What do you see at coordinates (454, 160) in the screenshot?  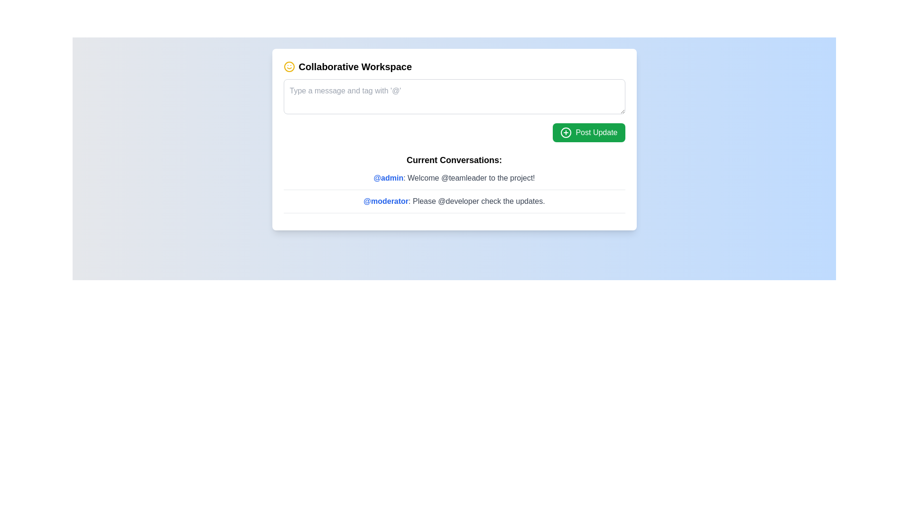 I see `the bold, large-font text label reading 'Current Conversations:' which serves as a header above the conversation section` at bounding box center [454, 160].